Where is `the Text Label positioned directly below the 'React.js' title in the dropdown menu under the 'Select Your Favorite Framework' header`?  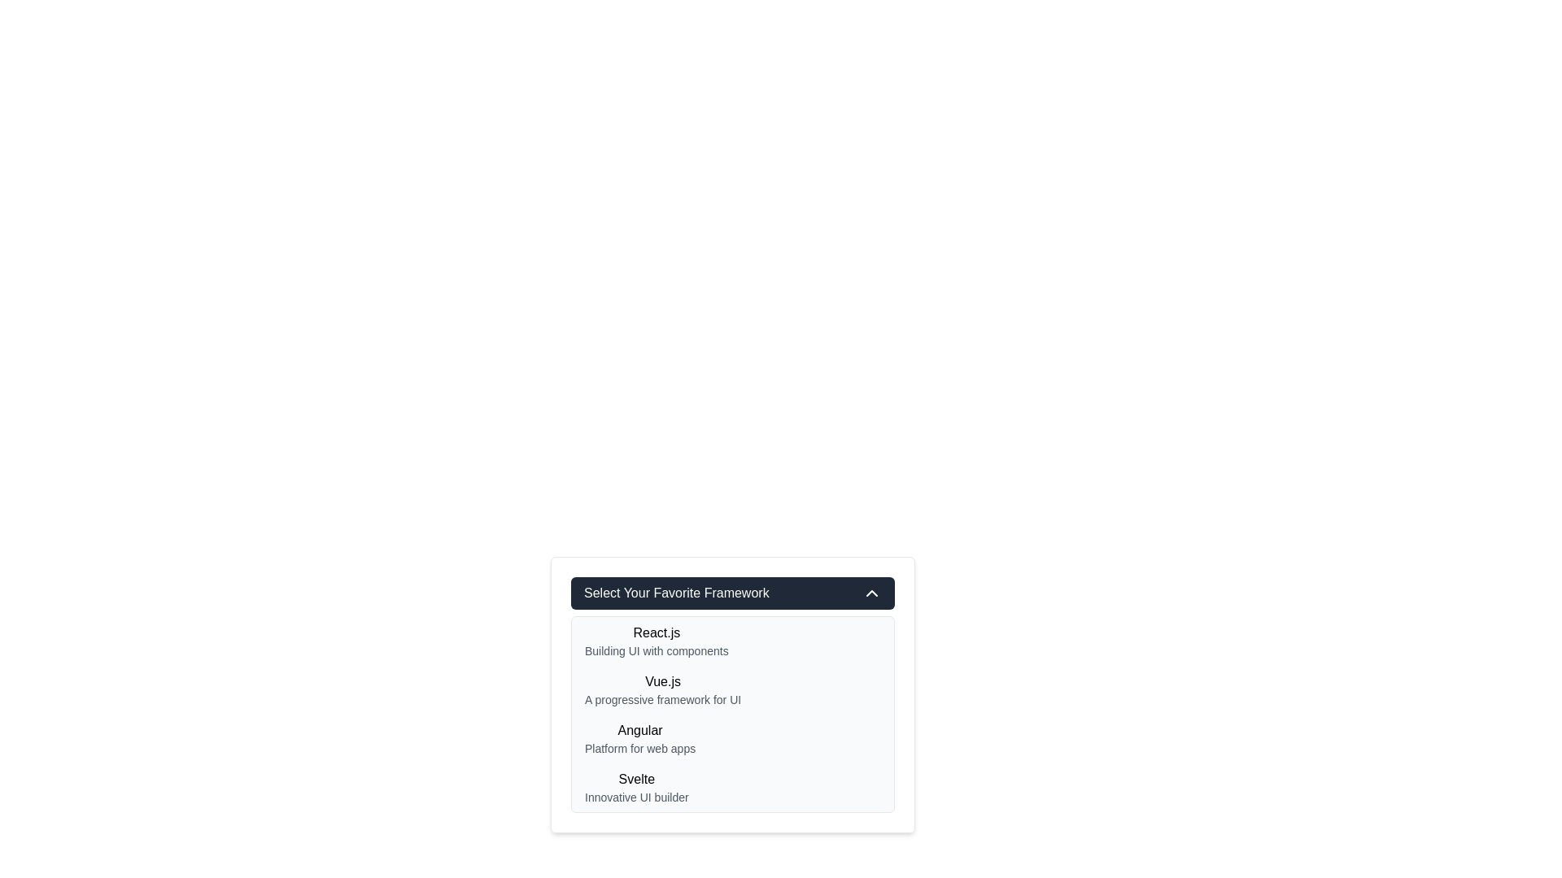
the Text Label positioned directly below the 'React.js' title in the dropdown menu under the 'Select Your Favorite Framework' header is located at coordinates (657, 650).